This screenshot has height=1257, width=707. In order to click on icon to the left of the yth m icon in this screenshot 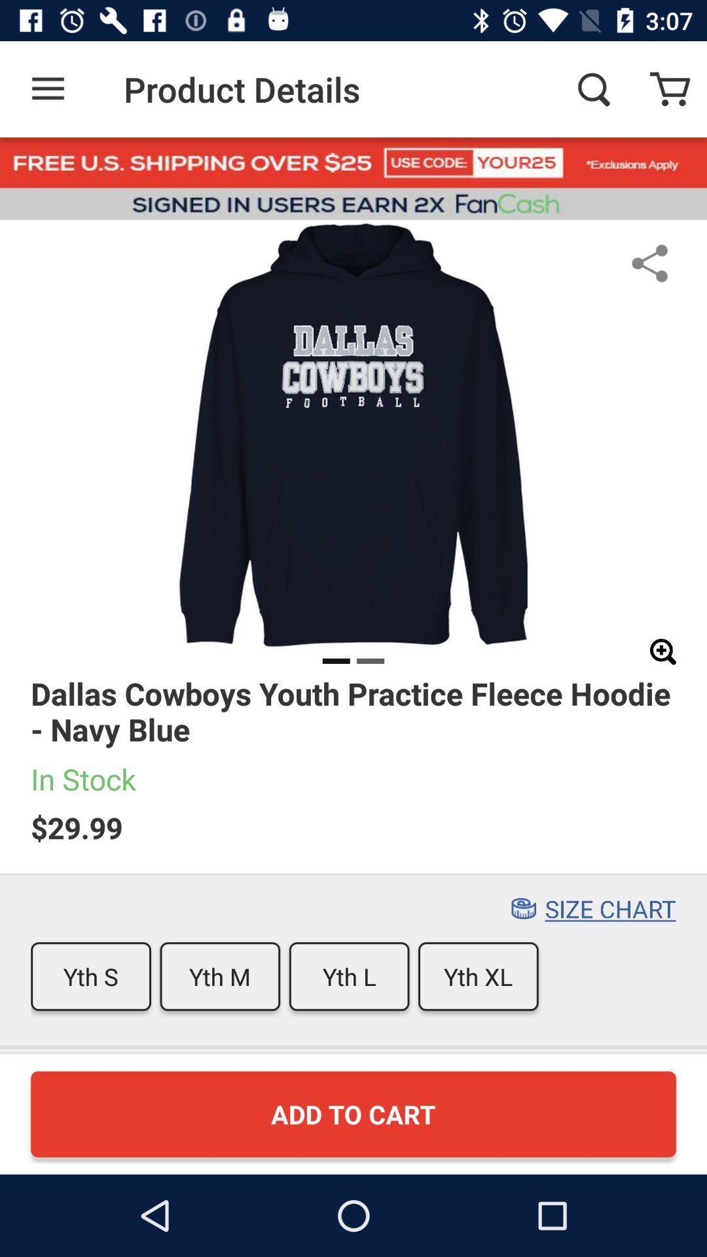, I will do `click(90, 976)`.